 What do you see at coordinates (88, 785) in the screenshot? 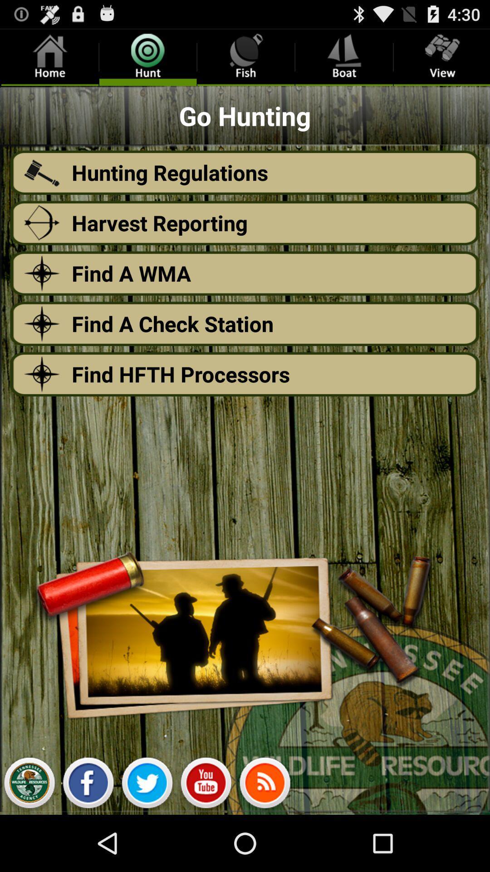
I see `share in facebool` at bounding box center [88, 785].